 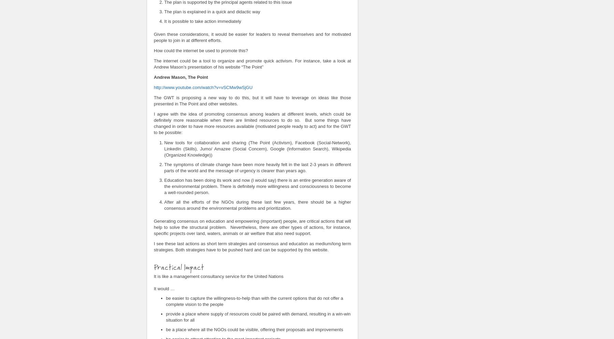 What do you see at coordinates (257, 205) in the screenshot?
I see `'After all the efforts of the NGOs during these last few years, there should be a higher consensus around the environmental problems and prioritization.'` at bounding box center [257, 205].